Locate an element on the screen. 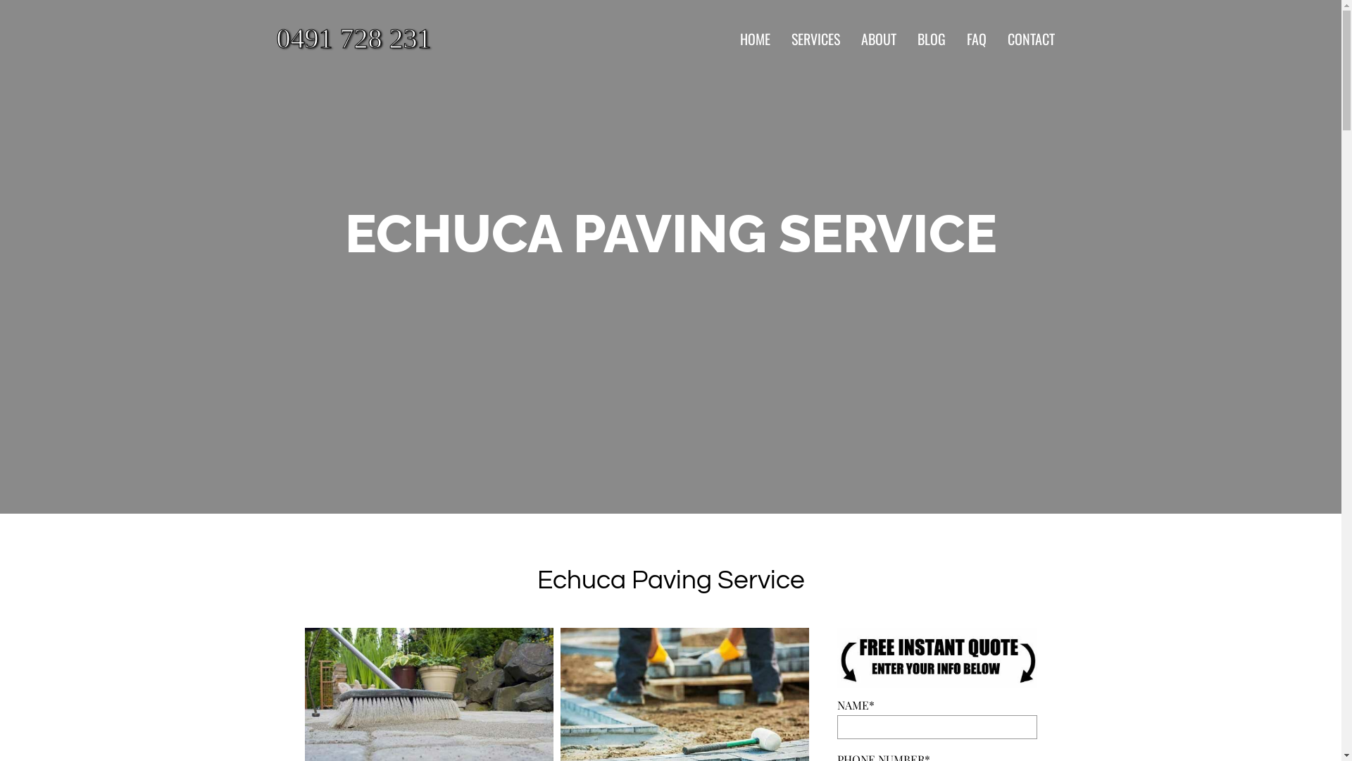 This screenshot has width=1352, height=761. 'BannerBlack' is located at coordinates (936, 658).